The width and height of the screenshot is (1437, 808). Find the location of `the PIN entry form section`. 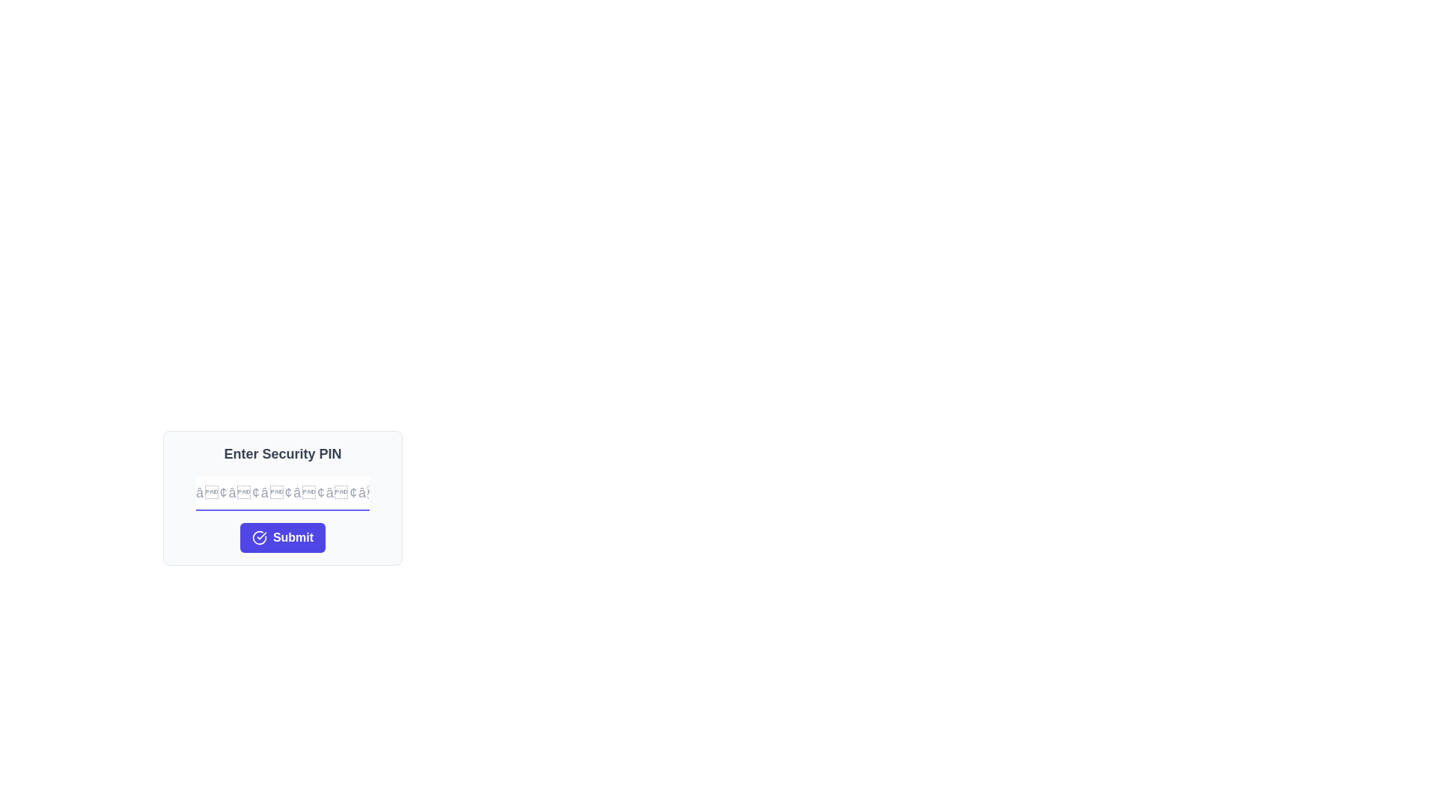

the PIN entry form section is located at coordinates (283, 498).